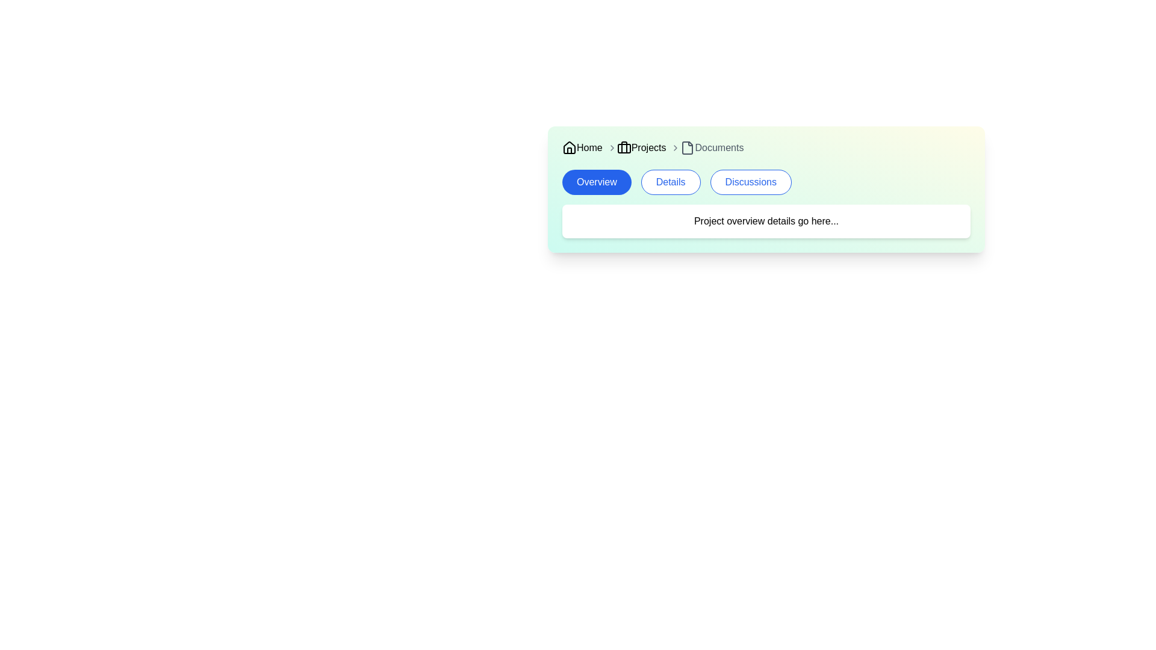  What do you see at coordinates (568, 147) in the screenshot?
I see `the house icon in the breadcrumb navigation bar` at bounding box center [568, 147].